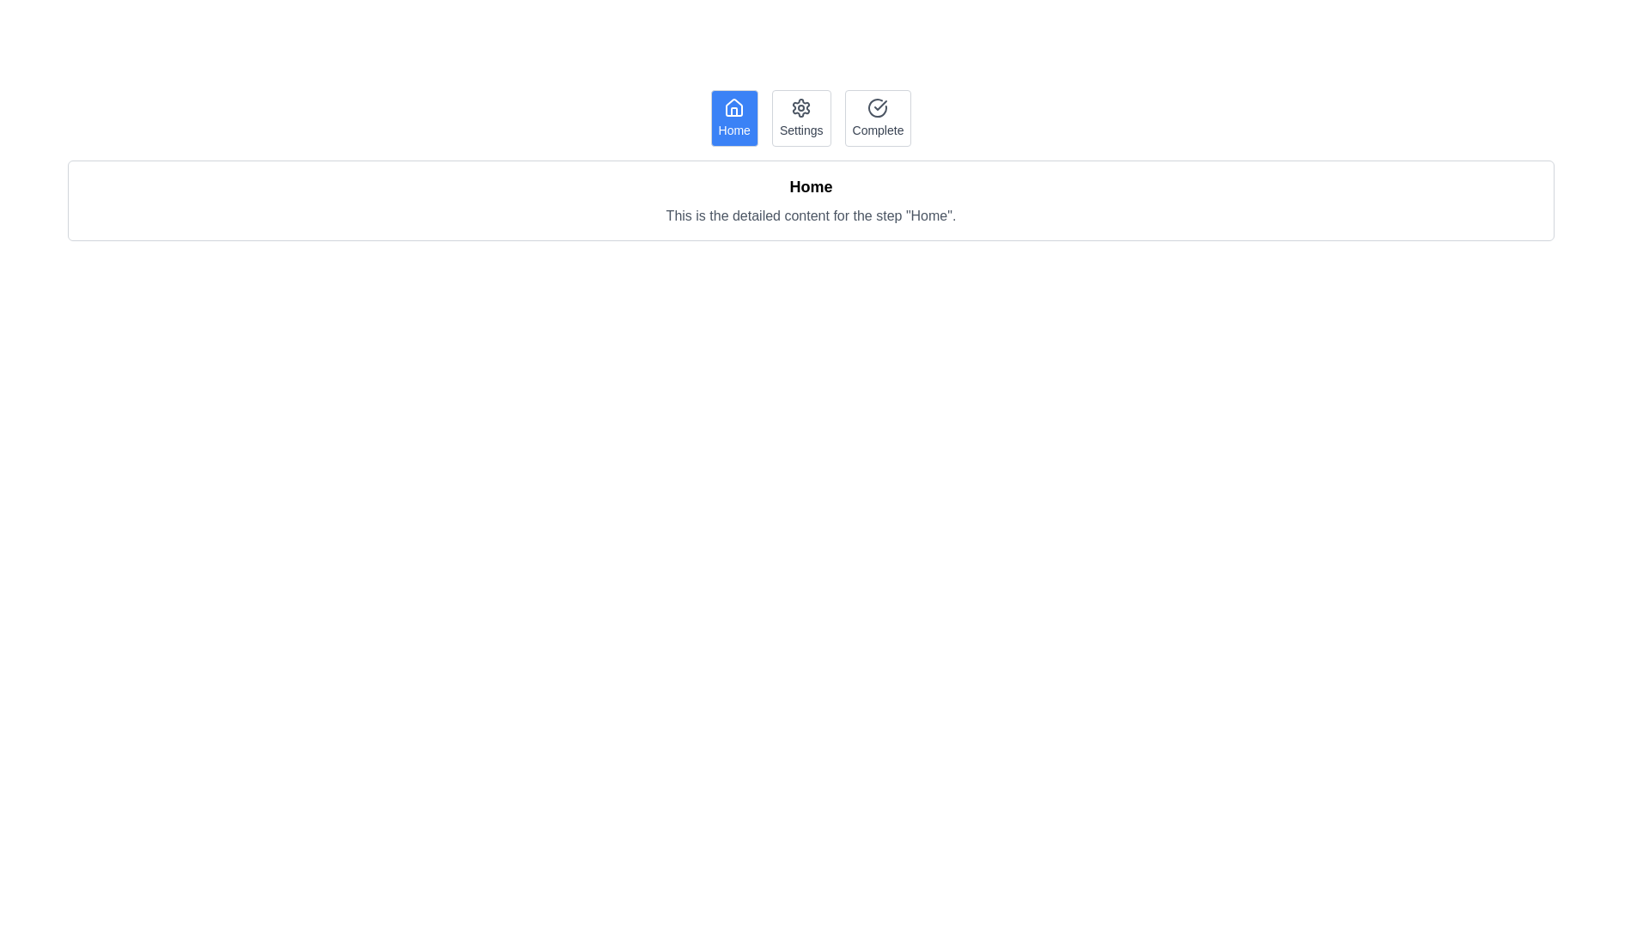 Image resolution: width=1649 pixels, height=927 pixels. I want to click on the gear-shaped settings icon located within the second button from the left in a horizontal series of three buttons labeled 'Home', 'Settings', and 'Complete', so click(800, 108).